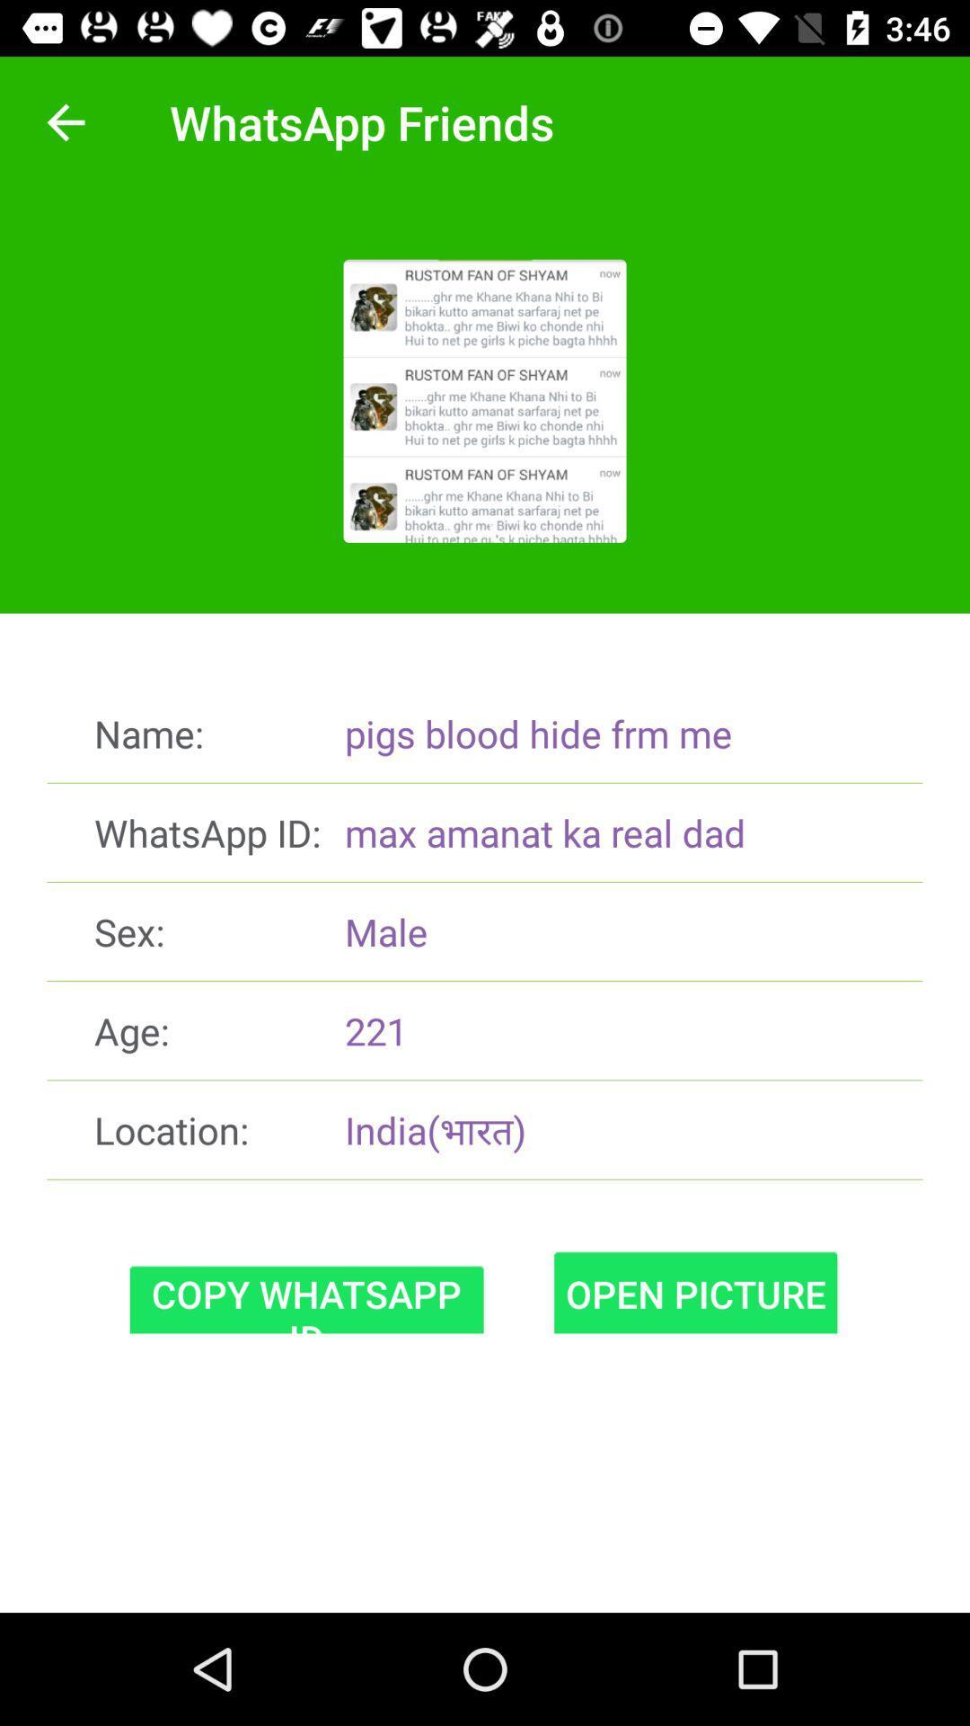 Image resolution: width=970 pixels, height=1726 pixels. I want to click on icon above name: item, so click(65, 121).